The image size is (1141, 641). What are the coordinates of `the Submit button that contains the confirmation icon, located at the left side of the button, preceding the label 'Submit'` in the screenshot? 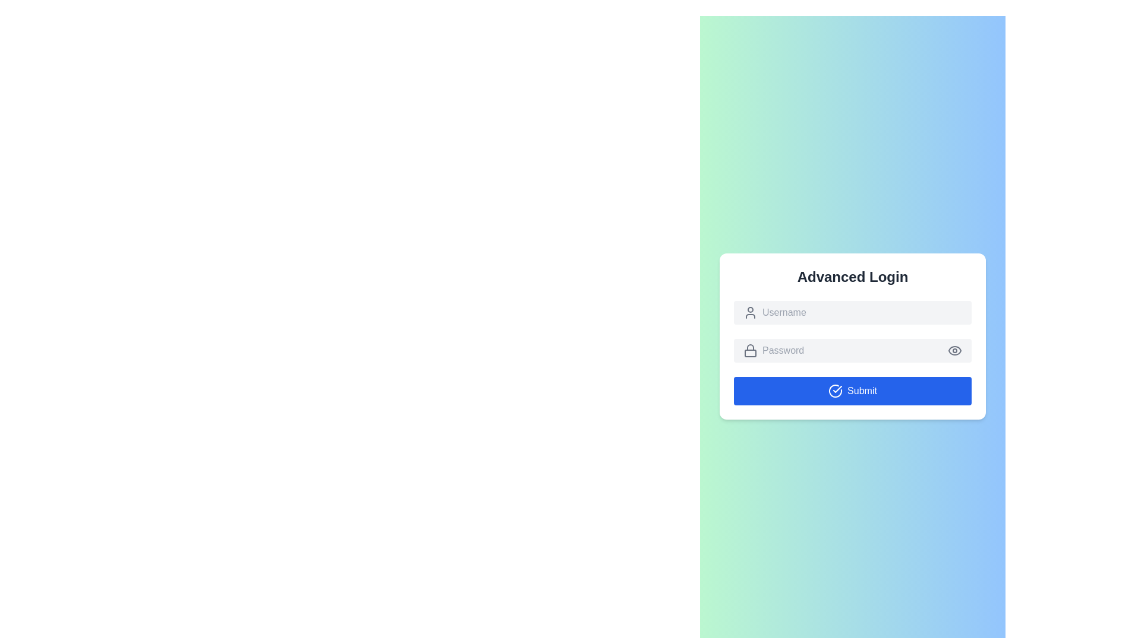 It's located at (835, 391).